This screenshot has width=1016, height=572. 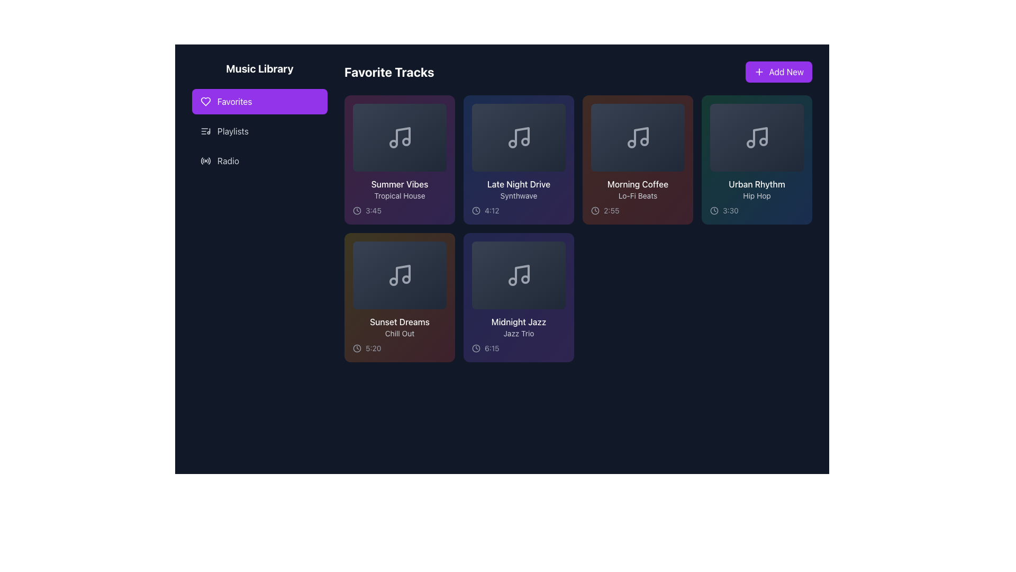 I want to click on the second menu item button in the sidebar, so click(x=259, y=130).